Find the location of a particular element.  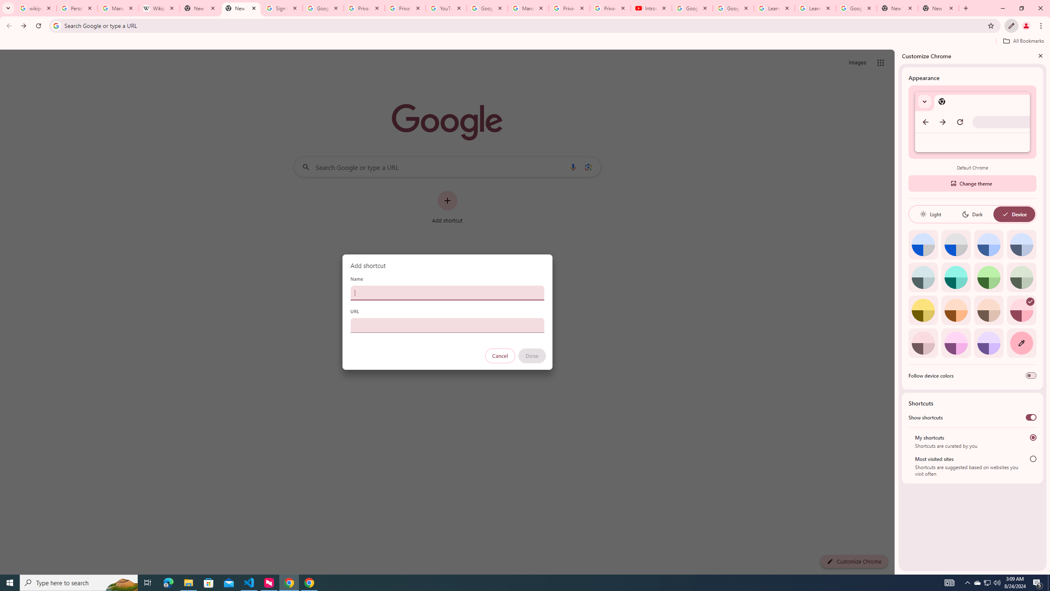

'Wikipedia:Edit requests - Wikipedia' is located at coordinates (159, 8).